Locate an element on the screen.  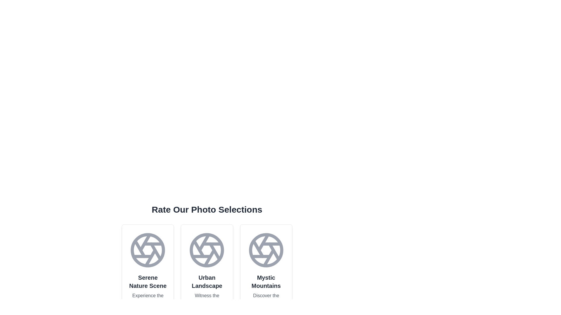
the photo card titled 'Serene Nature Scene' is located at coordinates (148, 279).